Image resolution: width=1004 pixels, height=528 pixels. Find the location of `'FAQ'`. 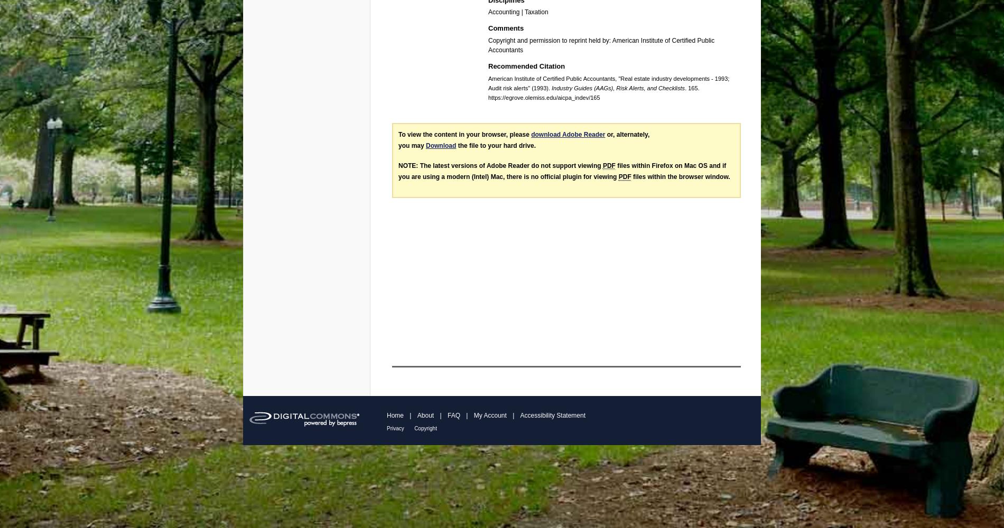

'FAQ' is located at coordinates (453, 415).